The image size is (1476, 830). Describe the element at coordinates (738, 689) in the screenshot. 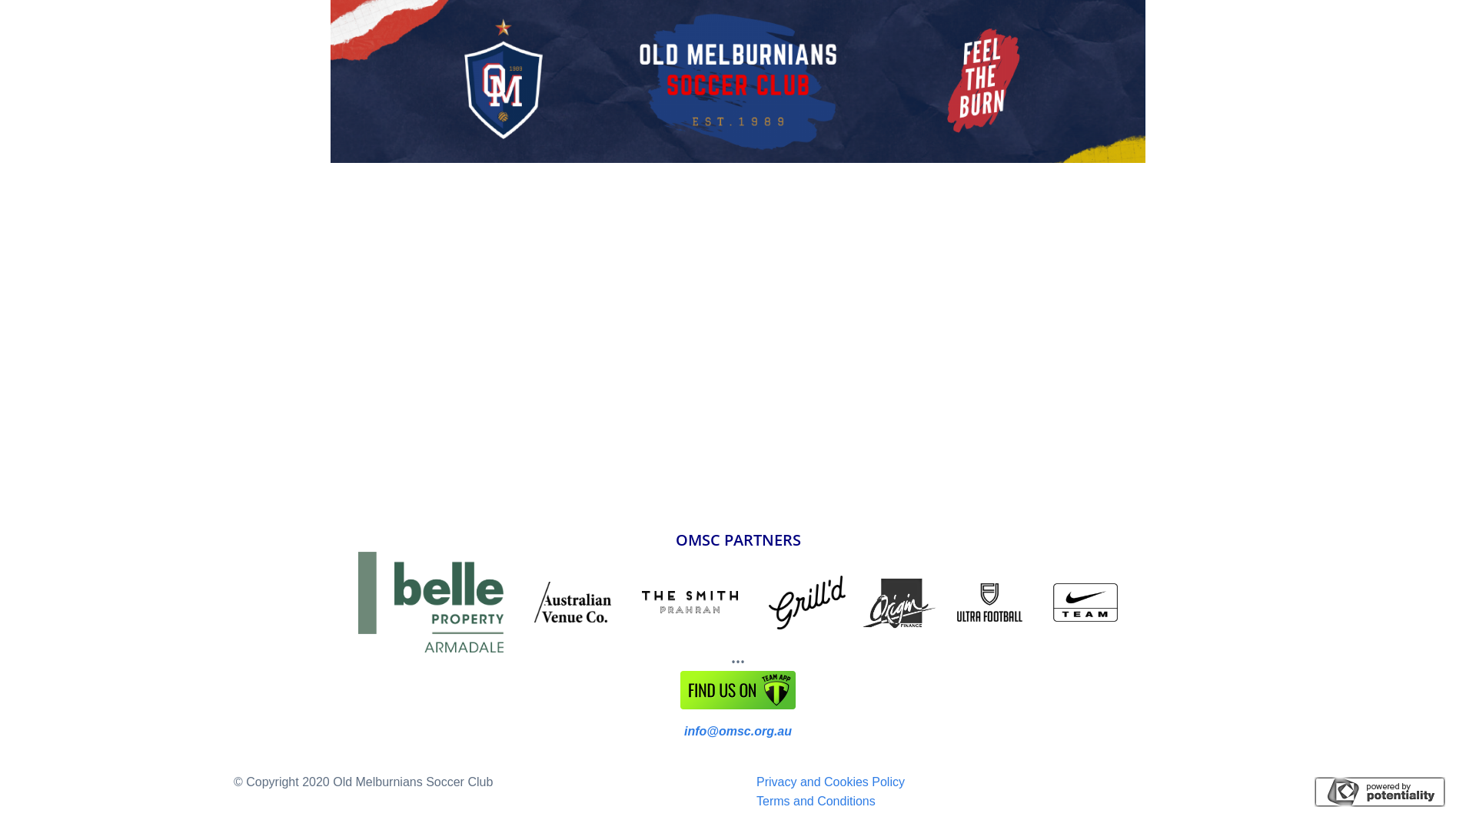

I see `'Find us on Team App'` at that location.